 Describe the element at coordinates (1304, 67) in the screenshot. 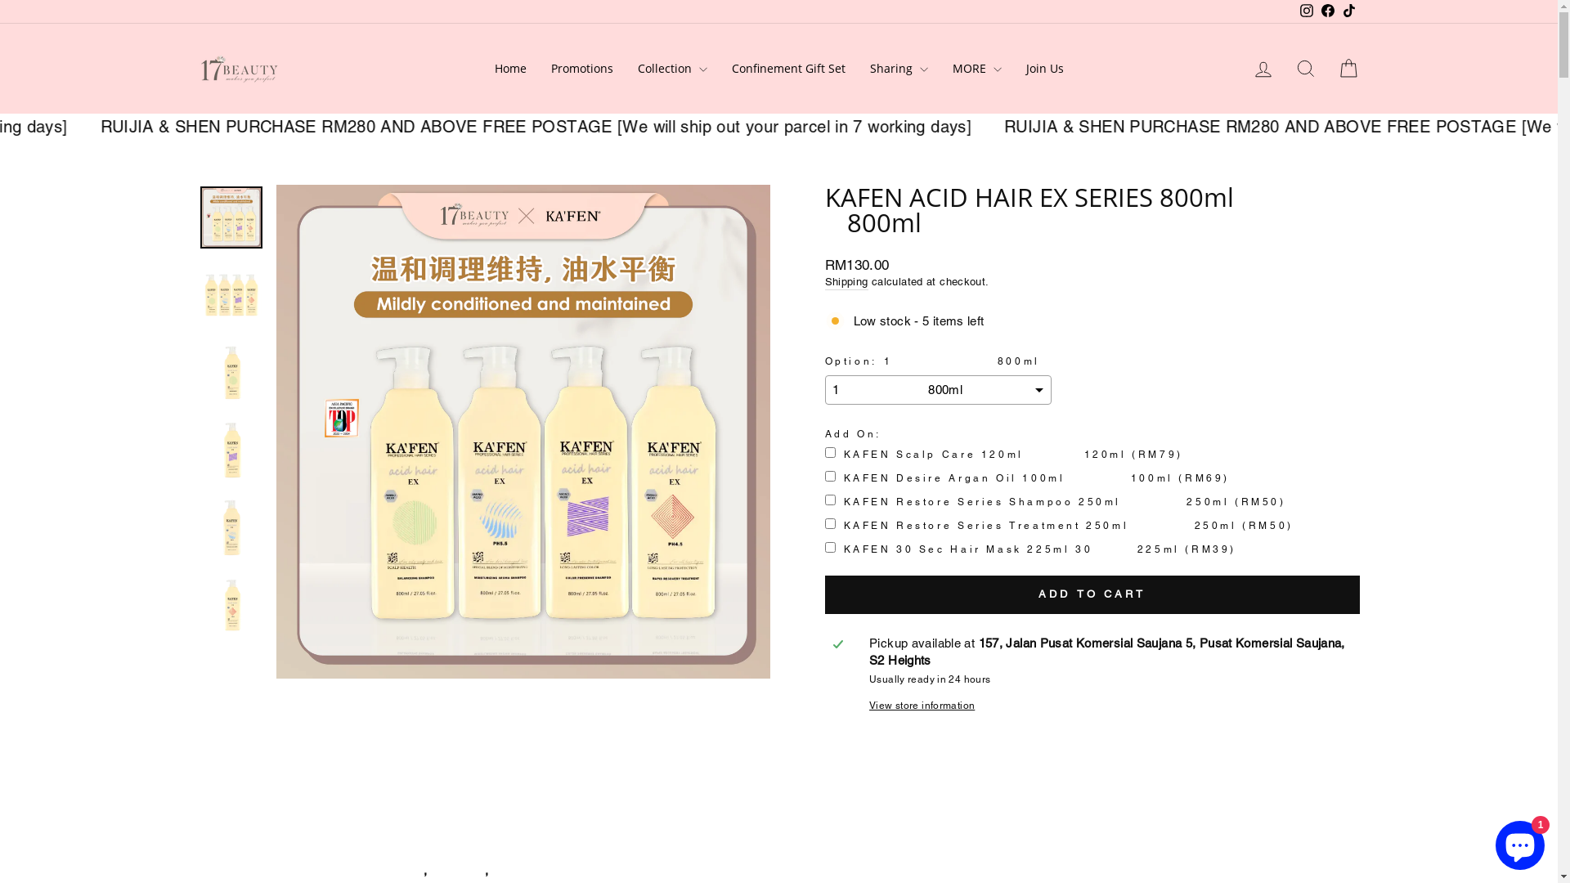

I see `'icon-search` at that location.